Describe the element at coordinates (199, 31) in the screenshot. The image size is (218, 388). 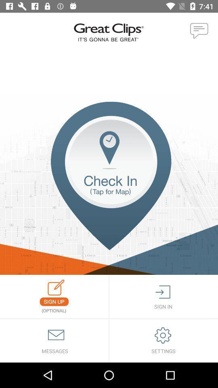
I see `icon at the top right corner` at that location.